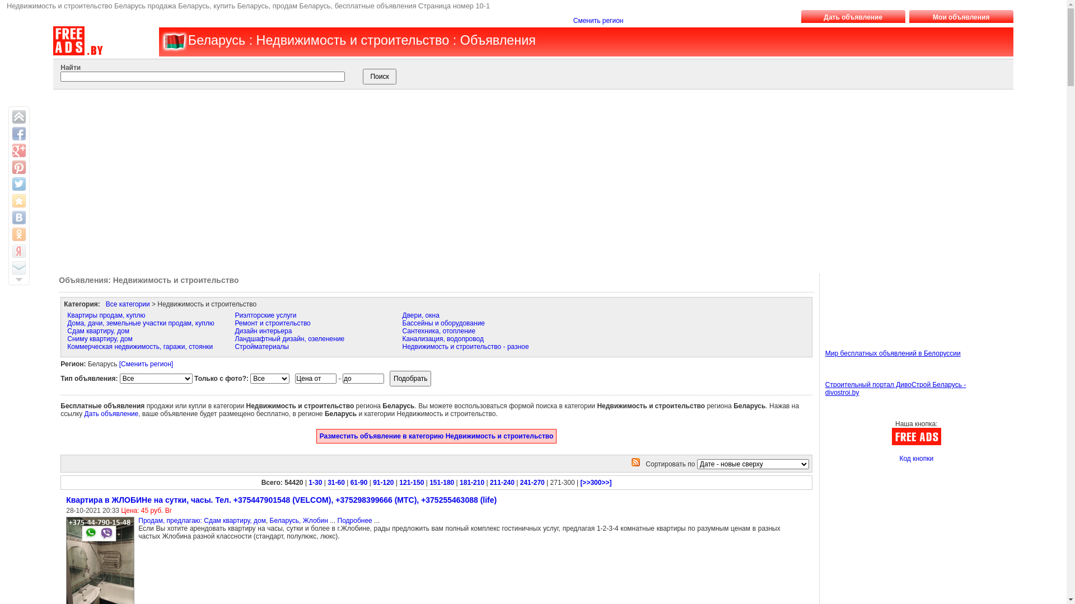 The height and width of the screenshot is (604, 1075). I want to click on 'Advertisement', so click(825, 299).